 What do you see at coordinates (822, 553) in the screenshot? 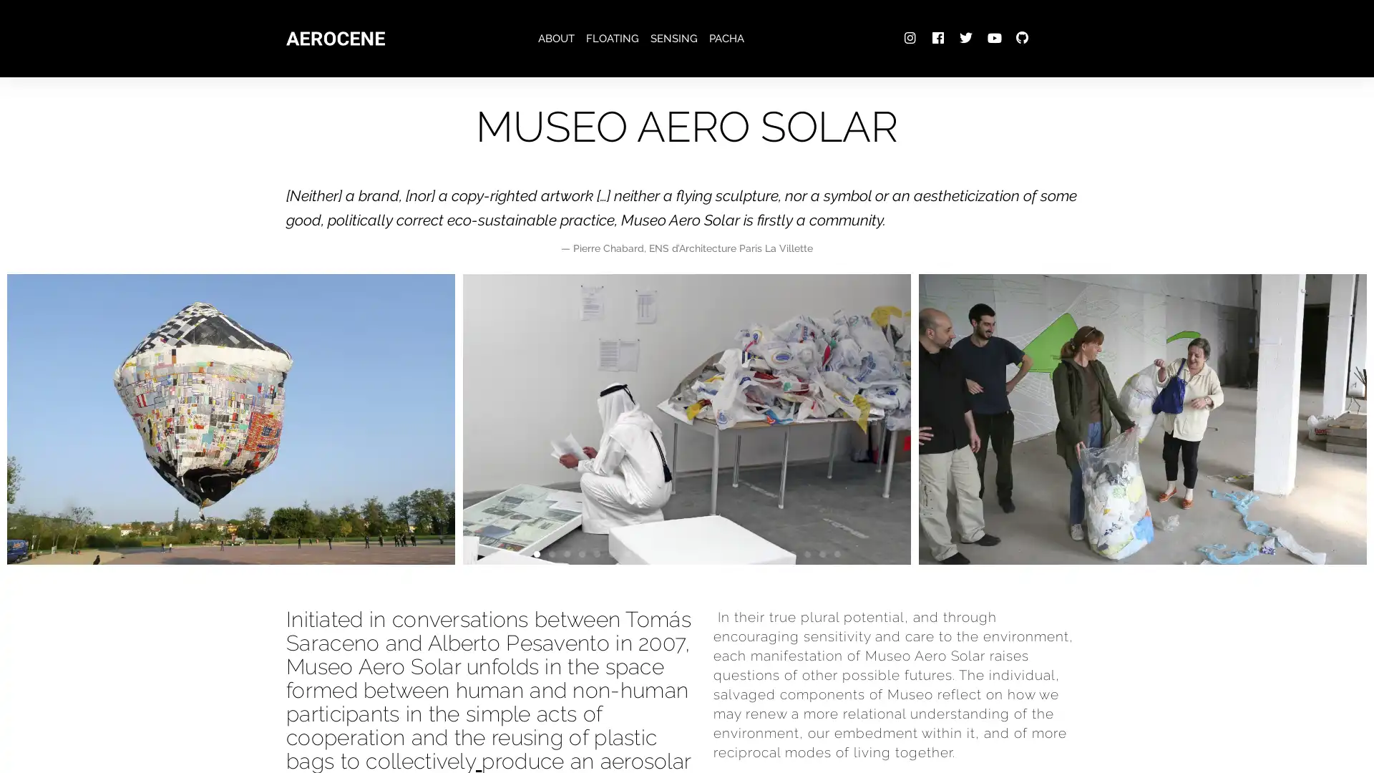
I see `Go to slide 20` at bounding box center [822, 553].